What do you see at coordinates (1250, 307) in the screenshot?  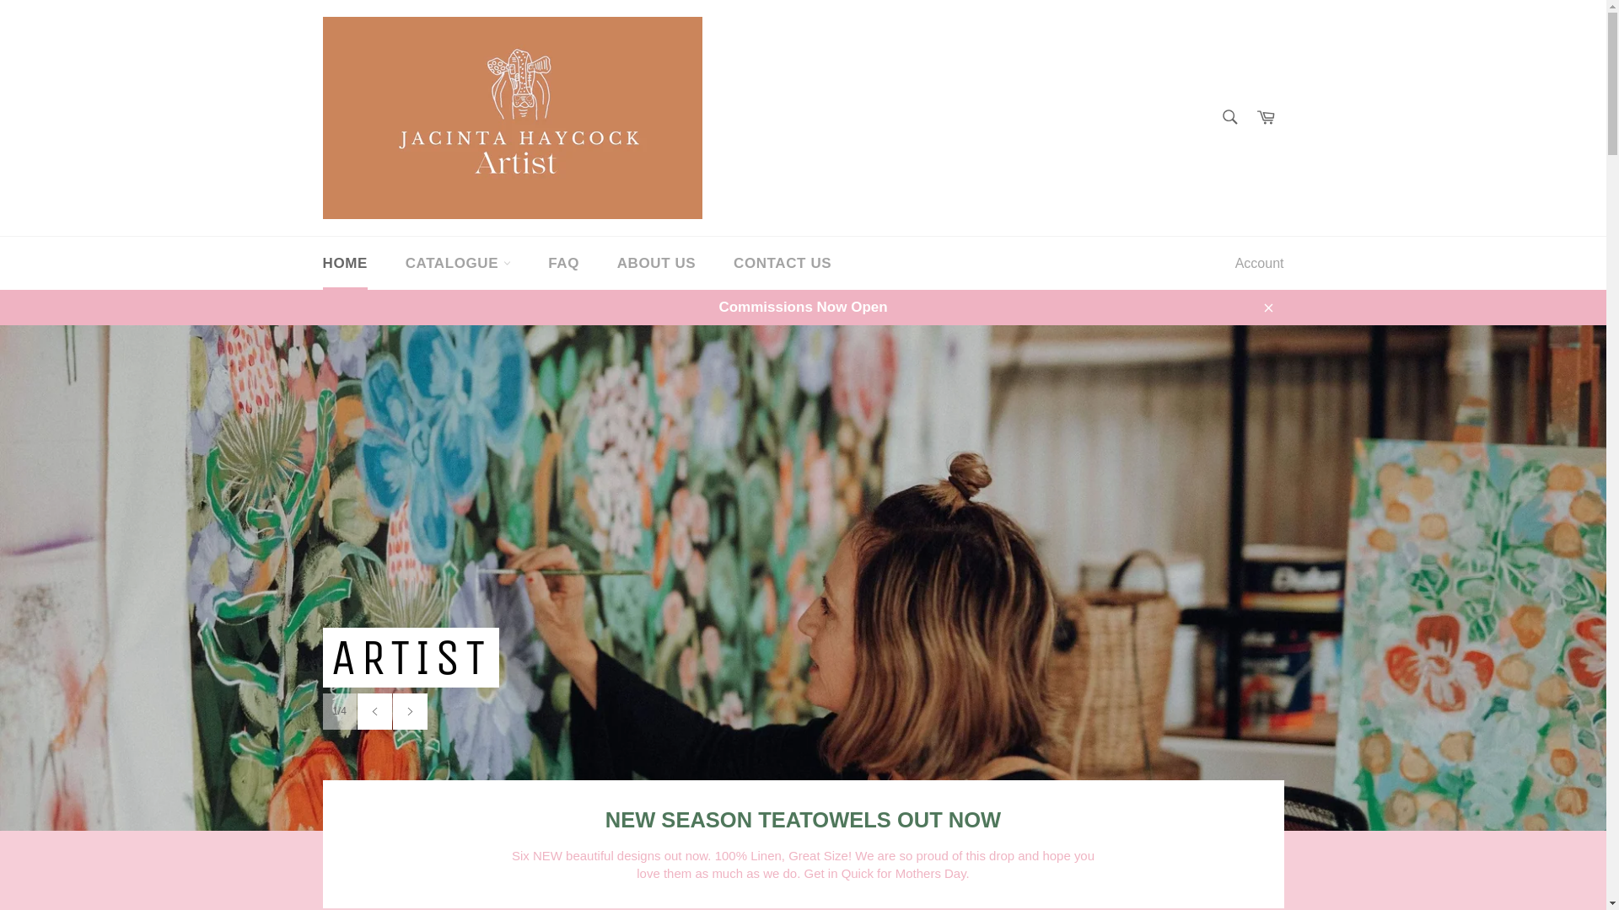 I see `'Close'` at bounding box center [1250, 307].